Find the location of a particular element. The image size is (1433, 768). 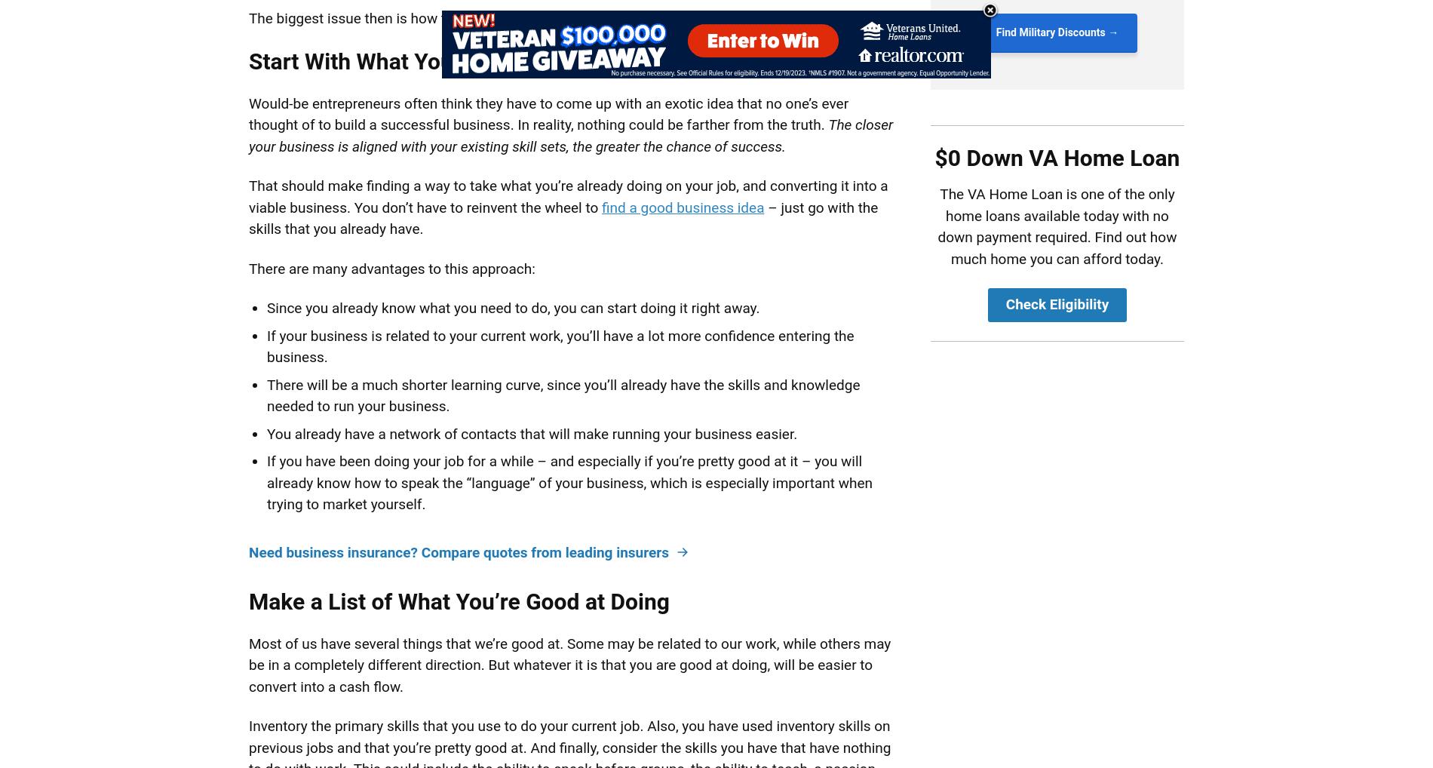

'Since you already know what you need to do, you can start doing it right away.' is located at coordinates (513, 307).